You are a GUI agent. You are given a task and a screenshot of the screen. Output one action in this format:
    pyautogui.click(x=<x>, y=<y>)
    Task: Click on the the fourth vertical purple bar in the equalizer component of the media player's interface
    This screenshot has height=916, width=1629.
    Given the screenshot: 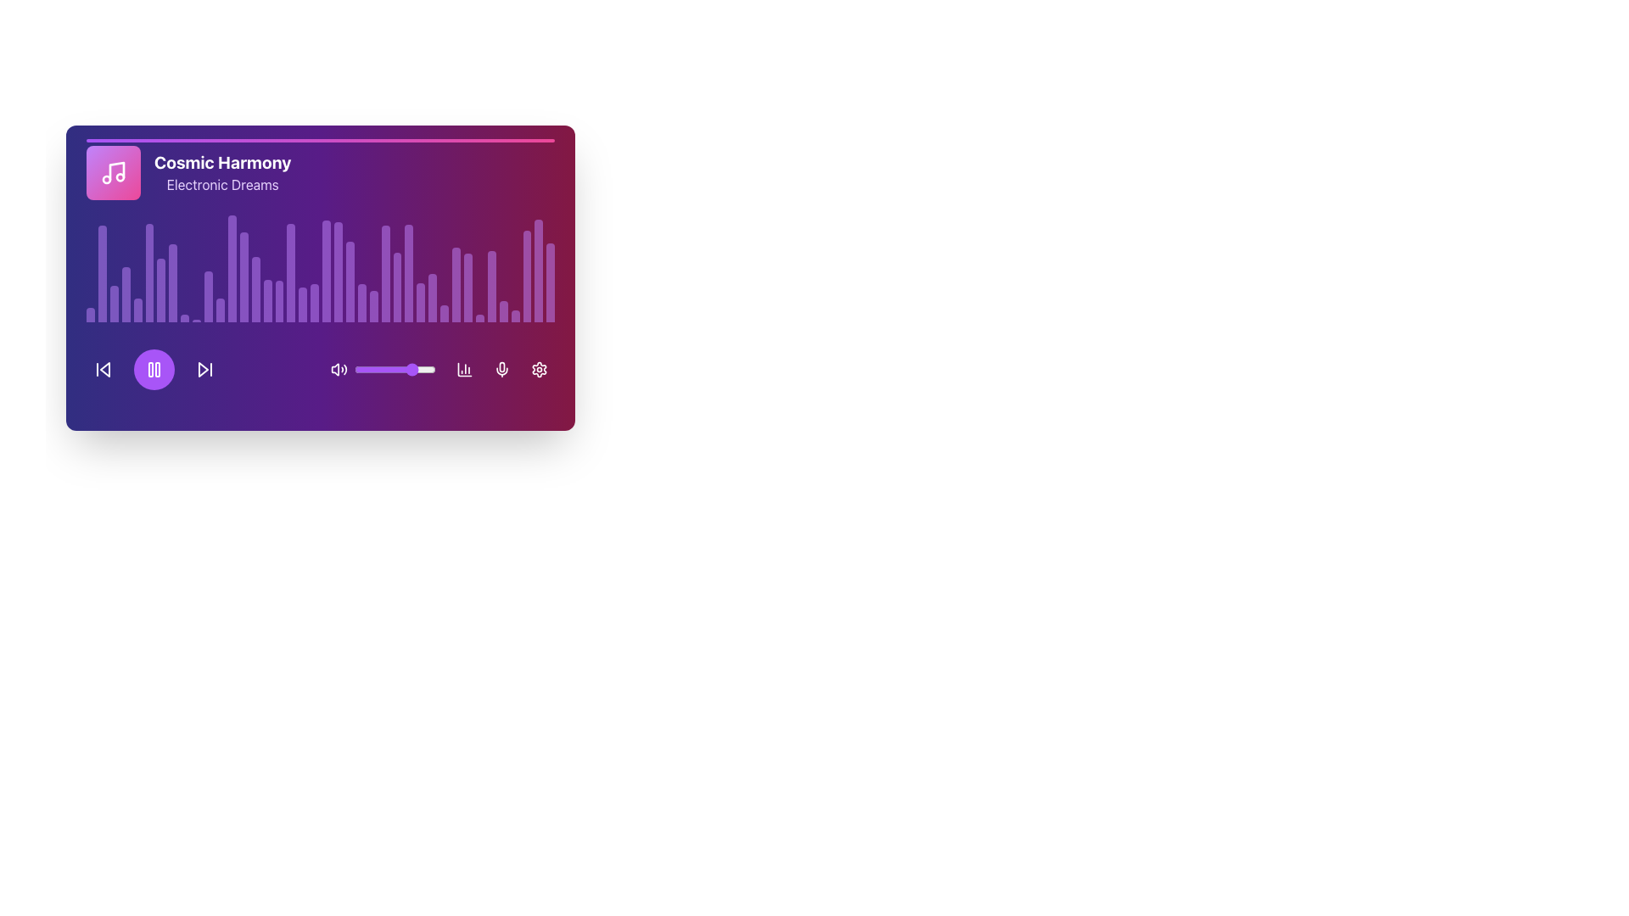 What is the action you would take?
    pyautogui.click(x=125, y=293)
    